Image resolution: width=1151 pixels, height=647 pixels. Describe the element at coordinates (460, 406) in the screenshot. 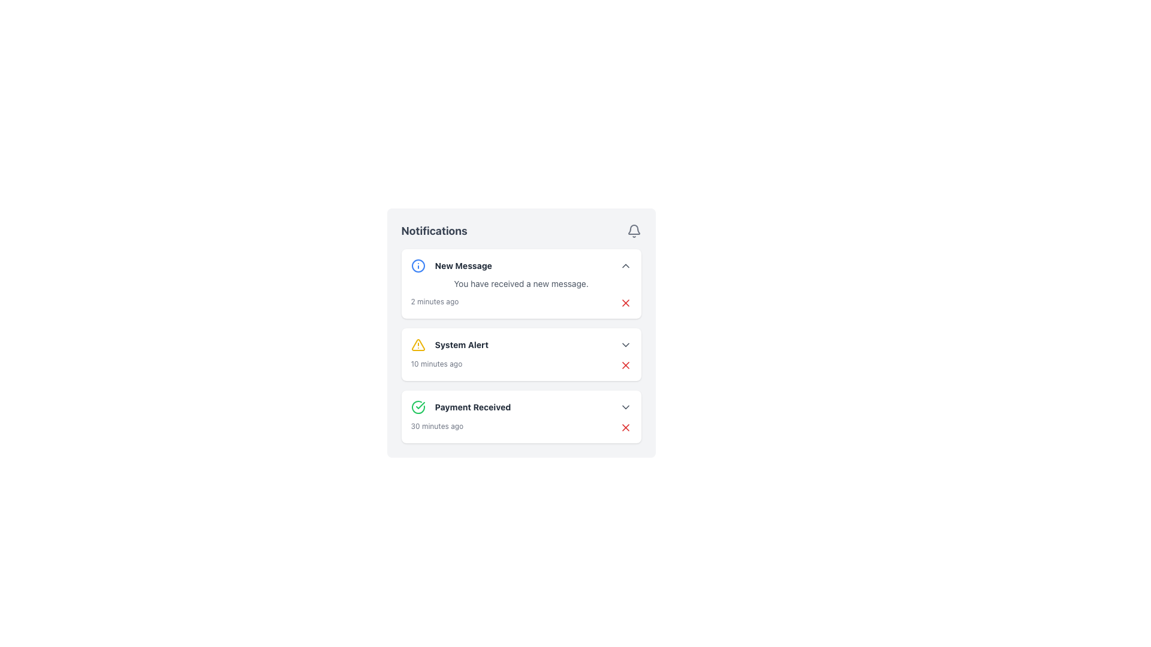

I see `the 'Payment Received' notification item, which features a bold label and a green checkmark icon, located at the bottom of the notification panel` at that location.